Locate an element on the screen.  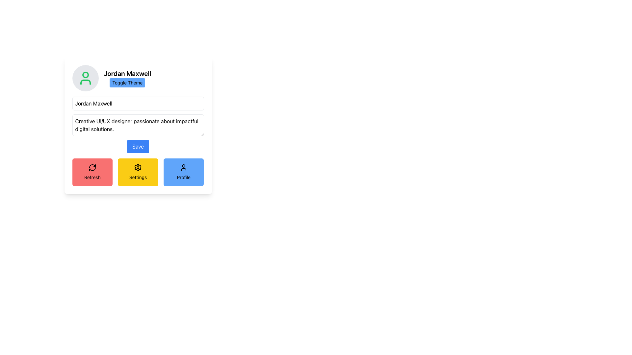
the 'Toggle Theme' button, which is a rectangular button with rounded corners and a blue background, located directly to the right of the text 'Jordan Maxwell' is located at coordinates (127, 82).